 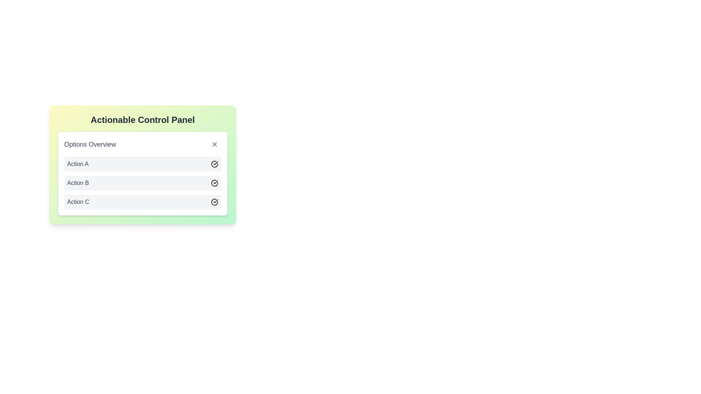 I want to click on the graphical status indicator representing the state of 'Action A', located at the right end of the first row in the 'Actionable Control Panel', so click(x=214, y=164).